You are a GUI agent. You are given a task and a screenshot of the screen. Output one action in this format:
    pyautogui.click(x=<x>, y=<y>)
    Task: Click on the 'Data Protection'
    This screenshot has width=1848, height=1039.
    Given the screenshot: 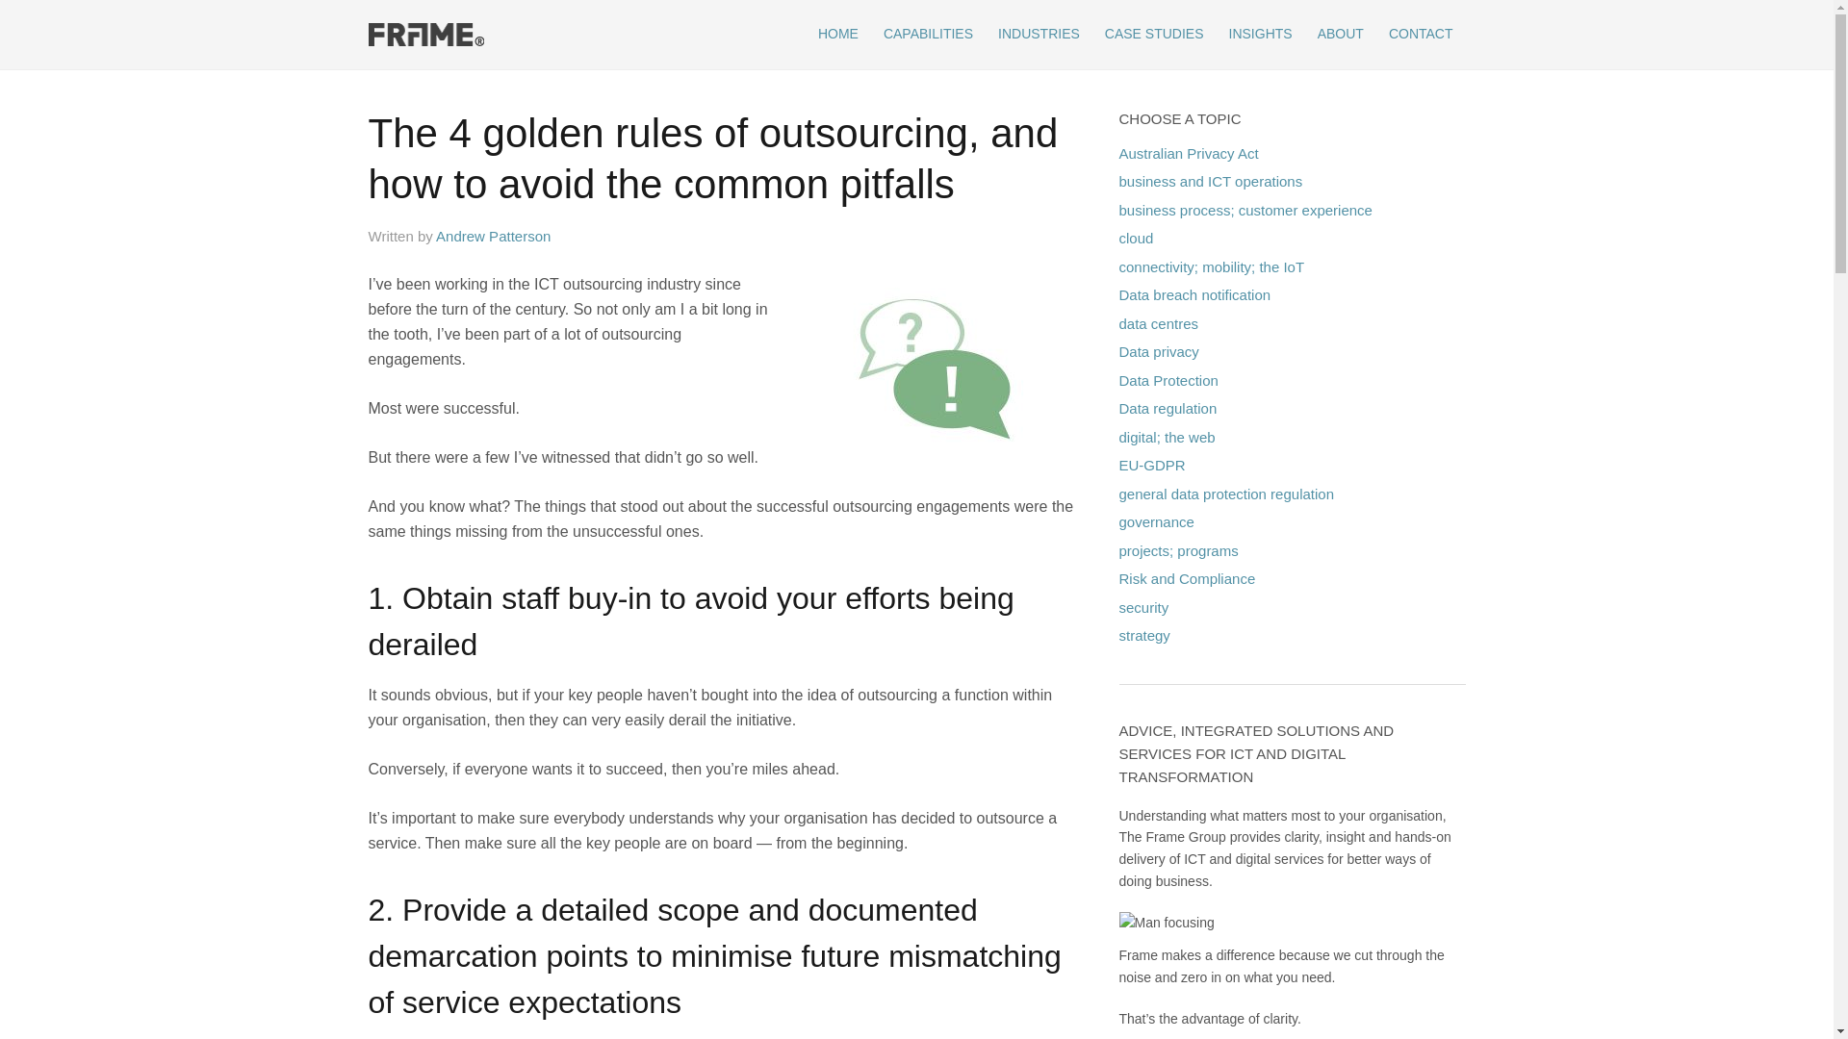 What is the action you would take?
    pyautogui.click(x=1117, y=379)
    